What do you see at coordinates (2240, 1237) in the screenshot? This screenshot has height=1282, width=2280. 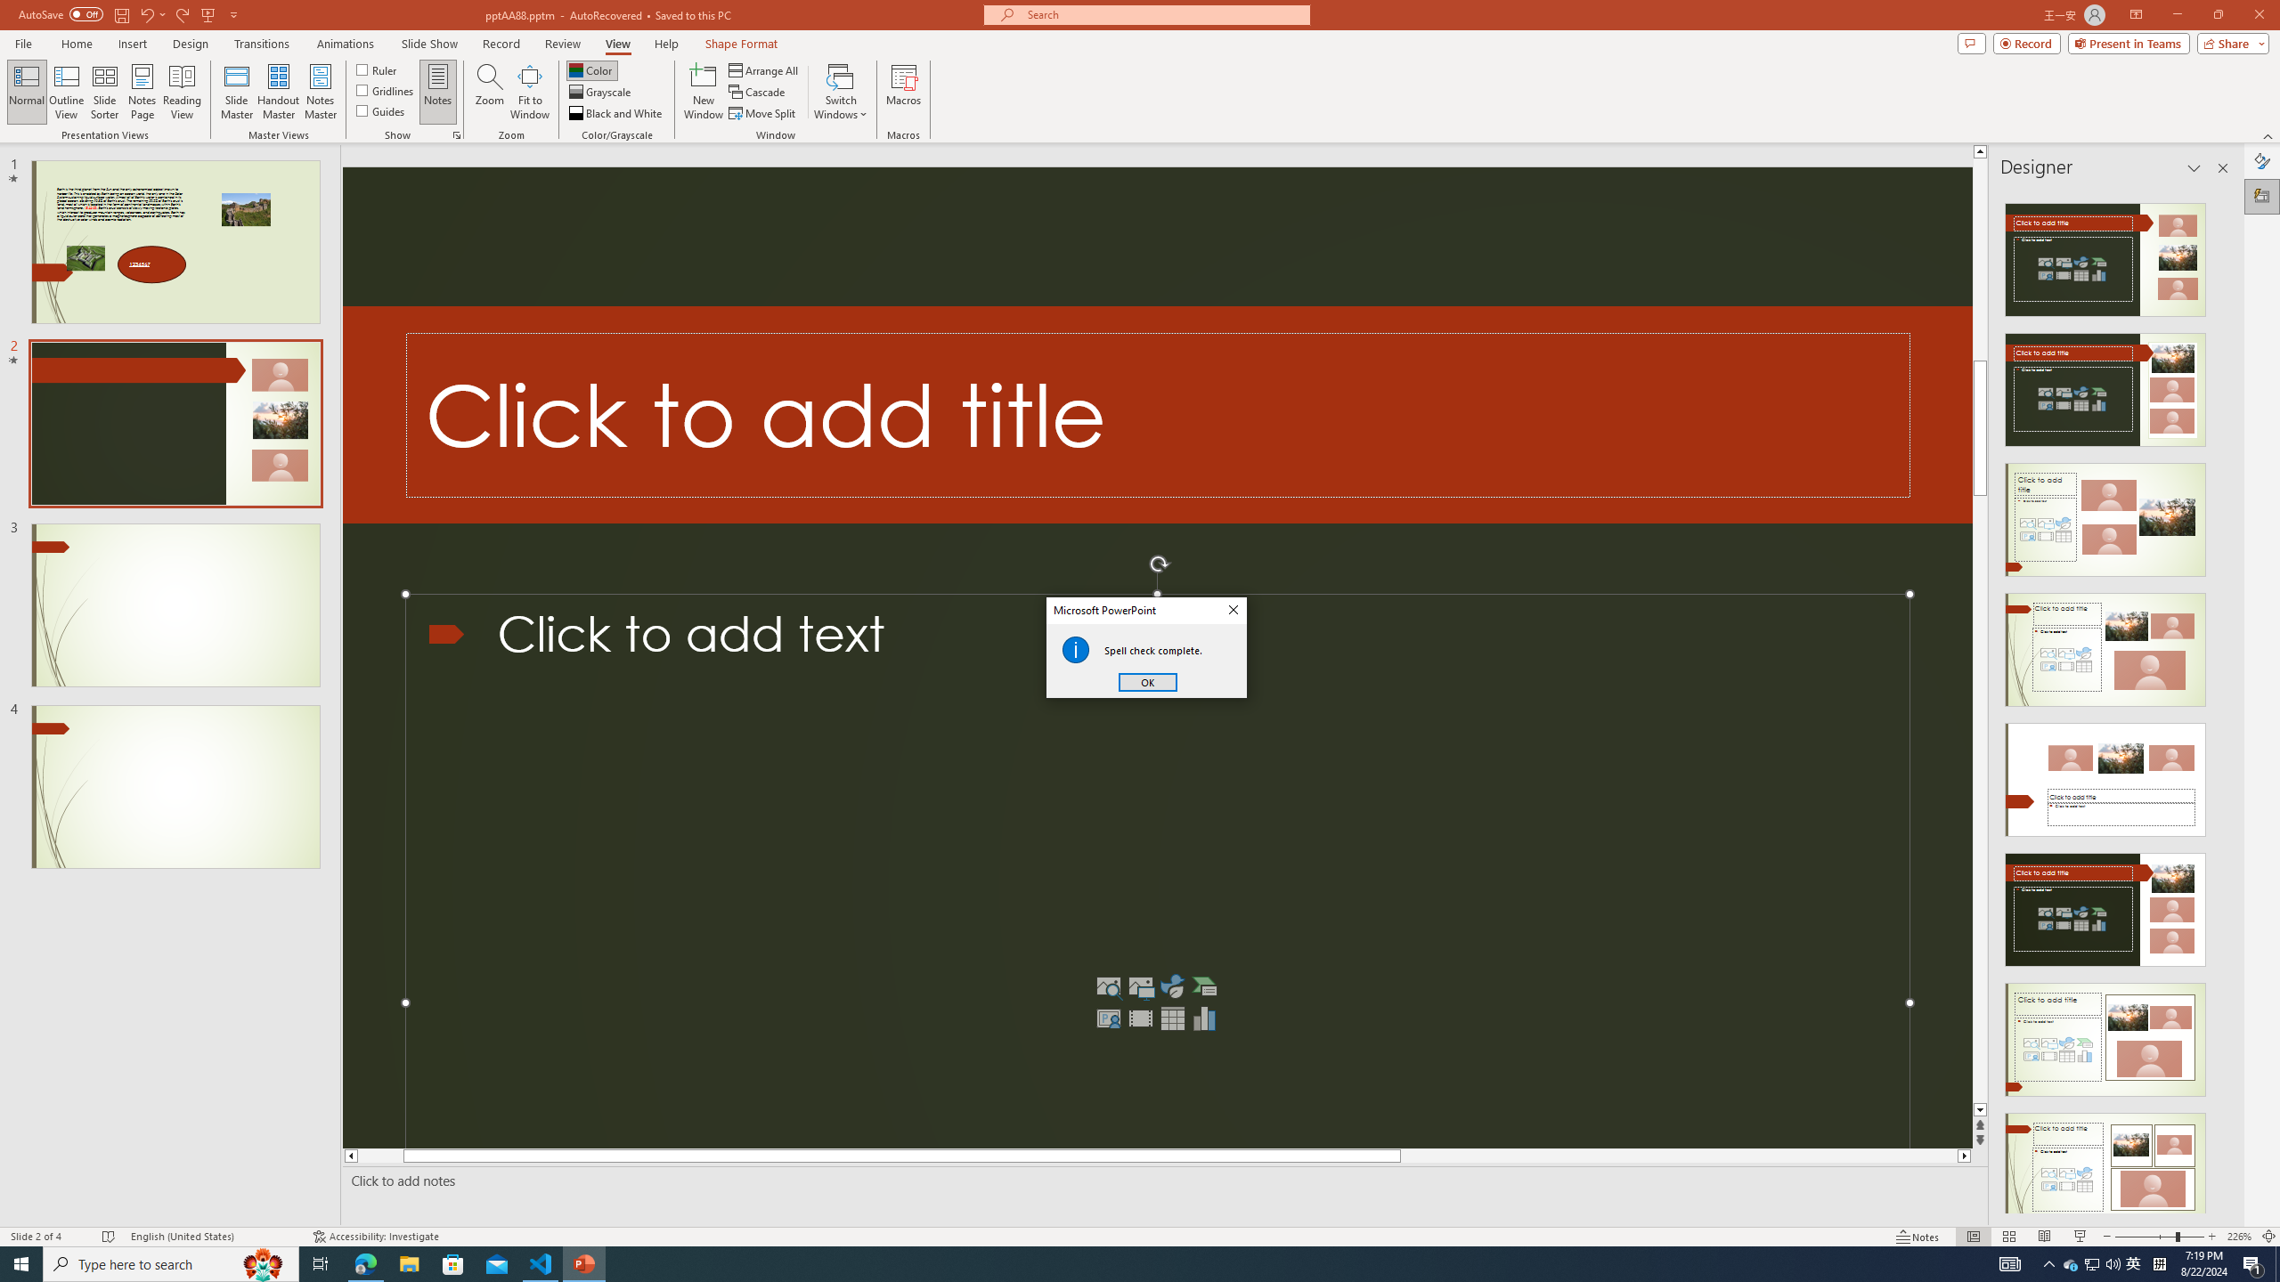 I see `'Zoom 226%'` at bounding box center [2240, 1237].